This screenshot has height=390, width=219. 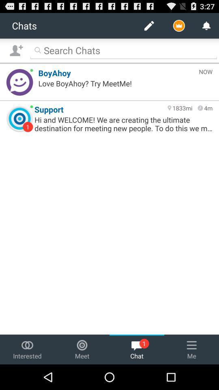 I want to click on the first icon which is left to the text boyahoy, so click(x=19, y=82).